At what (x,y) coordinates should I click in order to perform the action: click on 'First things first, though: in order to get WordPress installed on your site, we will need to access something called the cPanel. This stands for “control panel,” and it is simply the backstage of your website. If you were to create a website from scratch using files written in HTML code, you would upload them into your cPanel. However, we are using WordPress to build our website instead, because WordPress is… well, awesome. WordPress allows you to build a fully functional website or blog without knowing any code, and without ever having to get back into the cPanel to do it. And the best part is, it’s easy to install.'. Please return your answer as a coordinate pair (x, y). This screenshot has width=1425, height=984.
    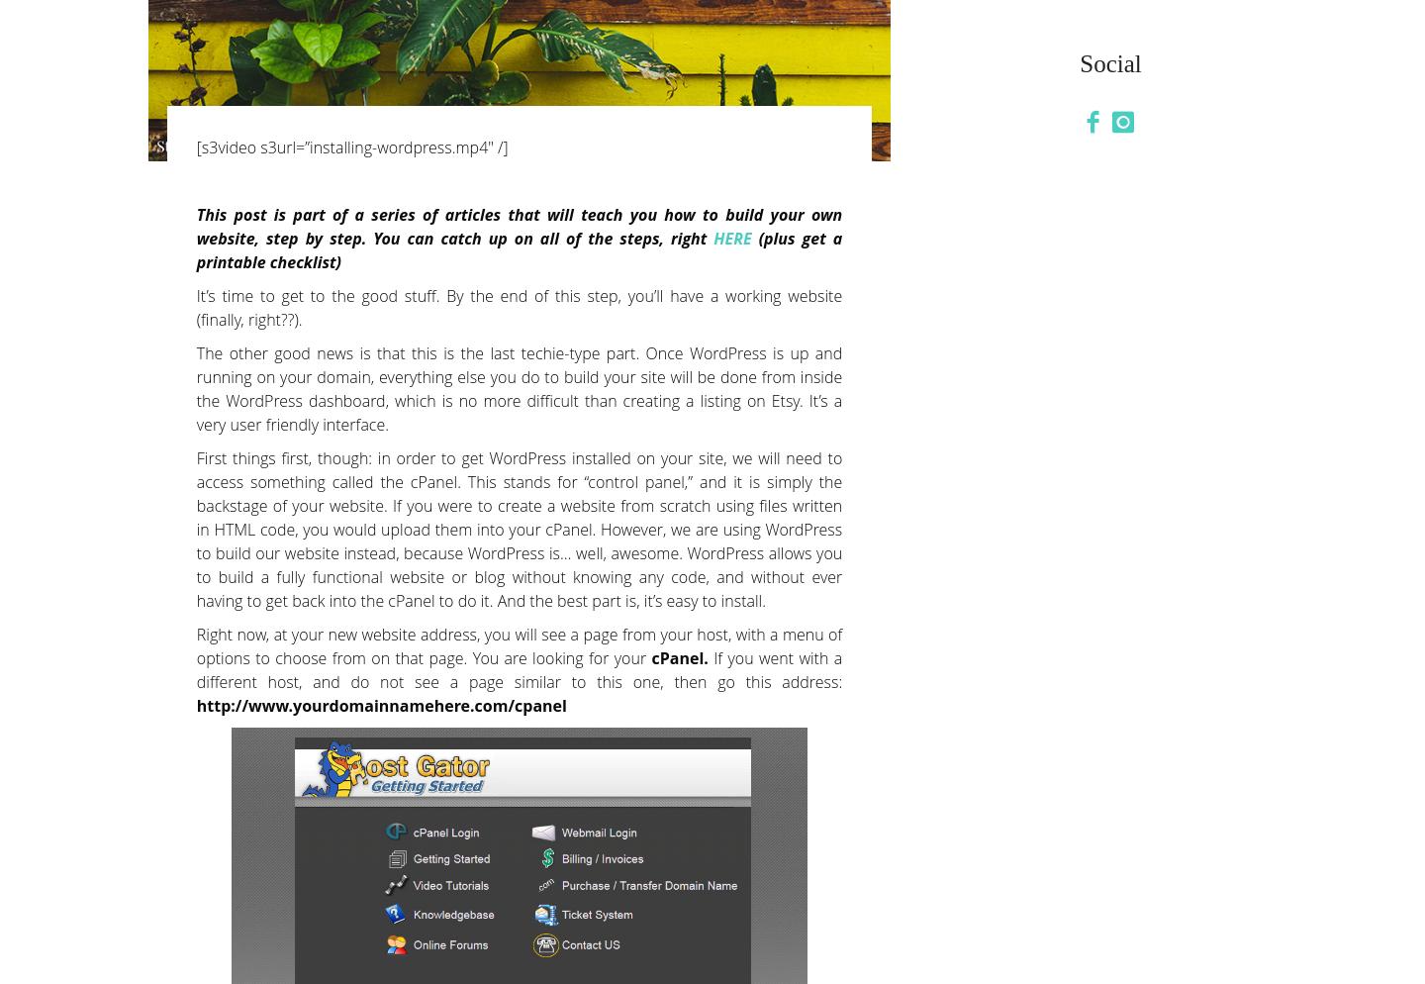
    Looking at the image, I should click on (518, 528).